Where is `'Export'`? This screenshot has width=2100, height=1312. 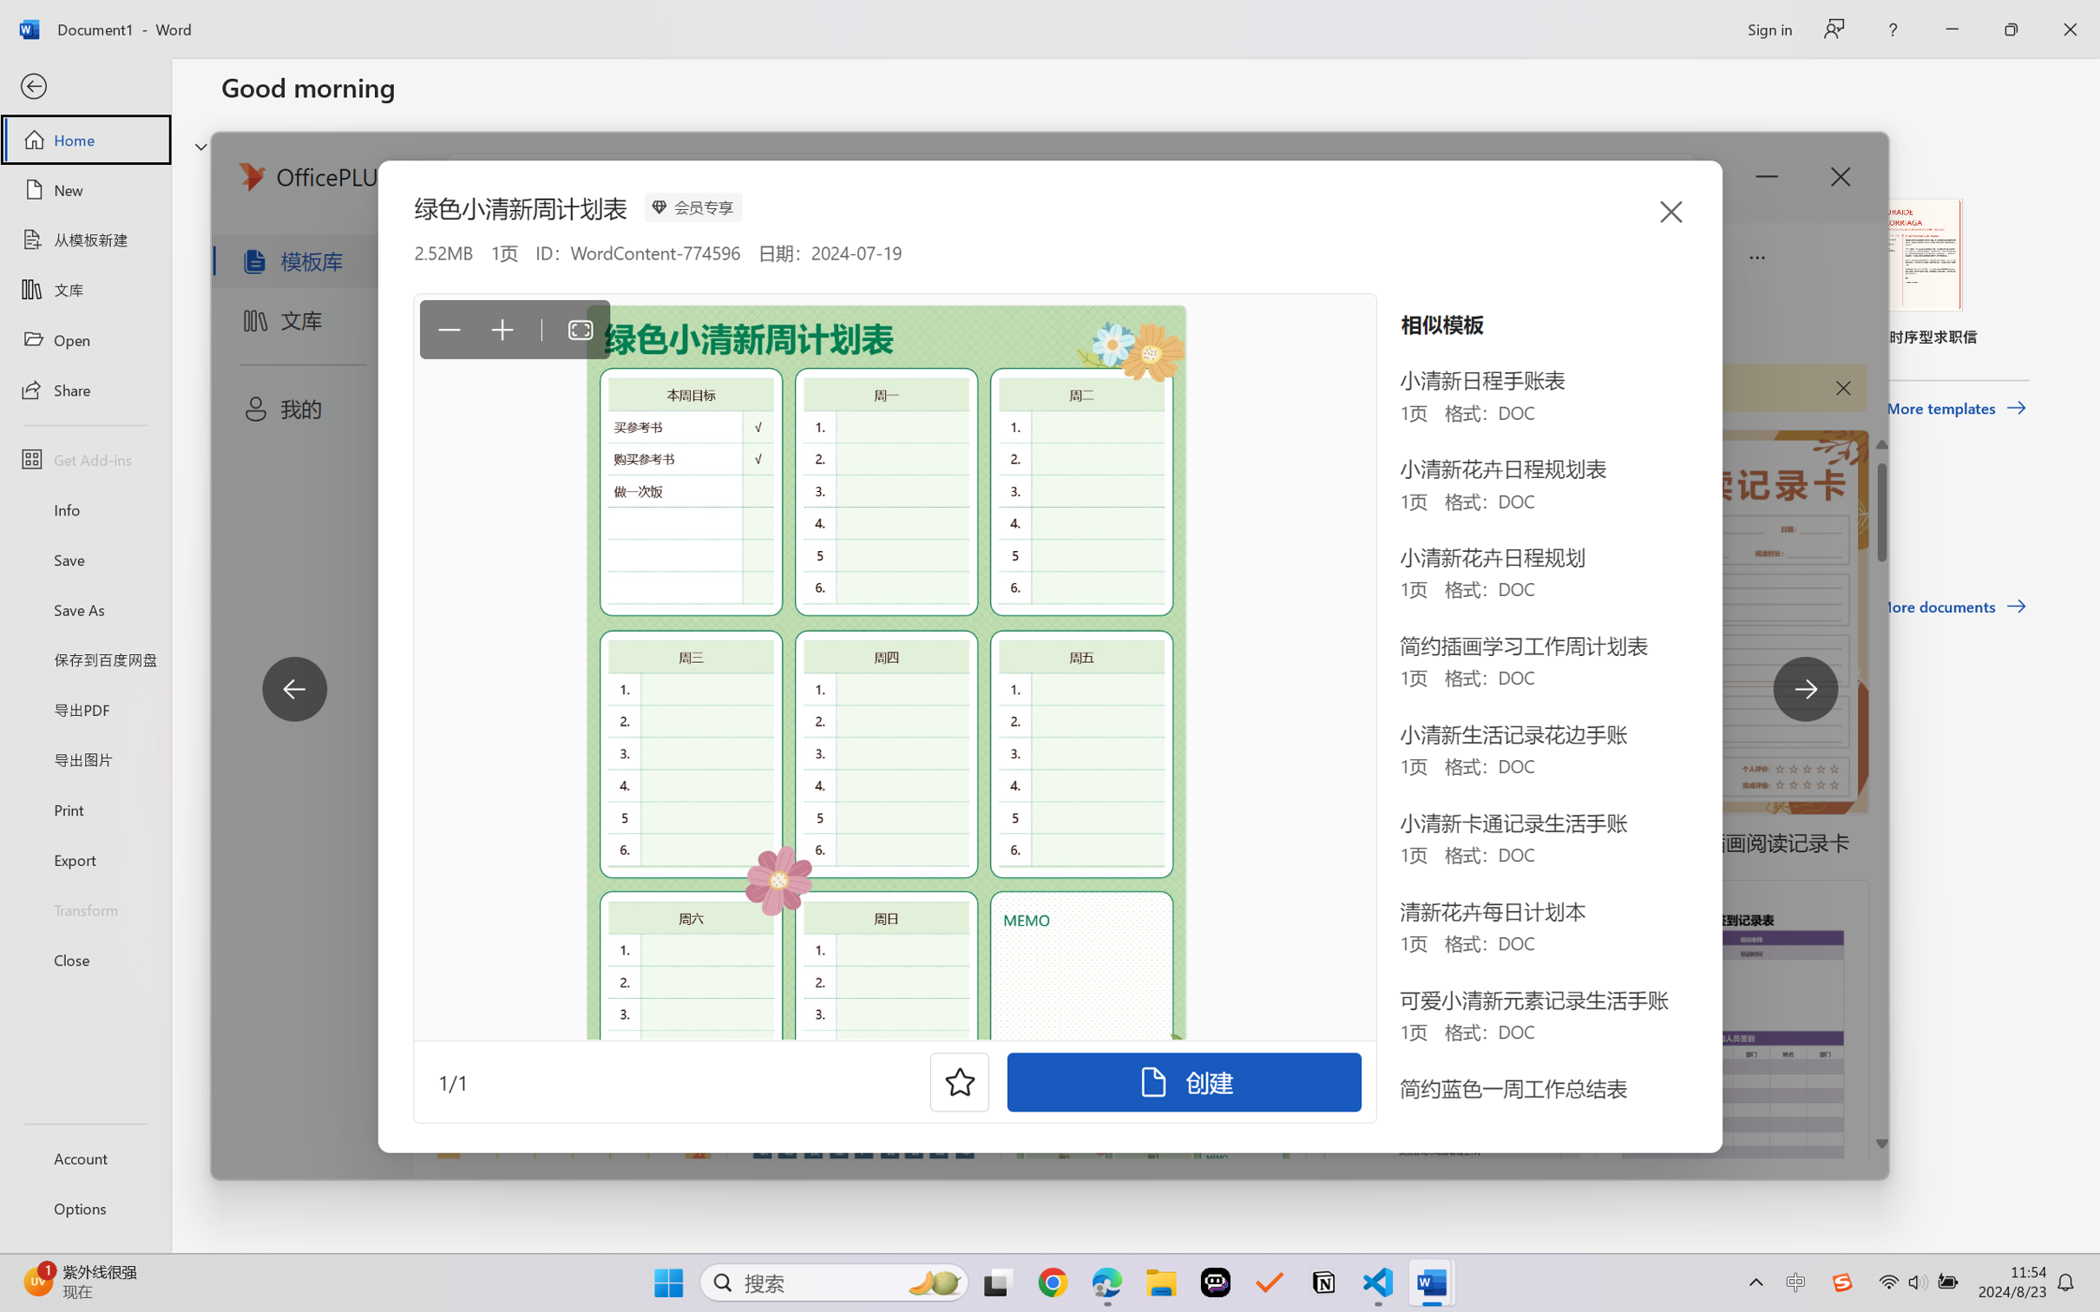
'Export' is located at coordinates (84, 858).